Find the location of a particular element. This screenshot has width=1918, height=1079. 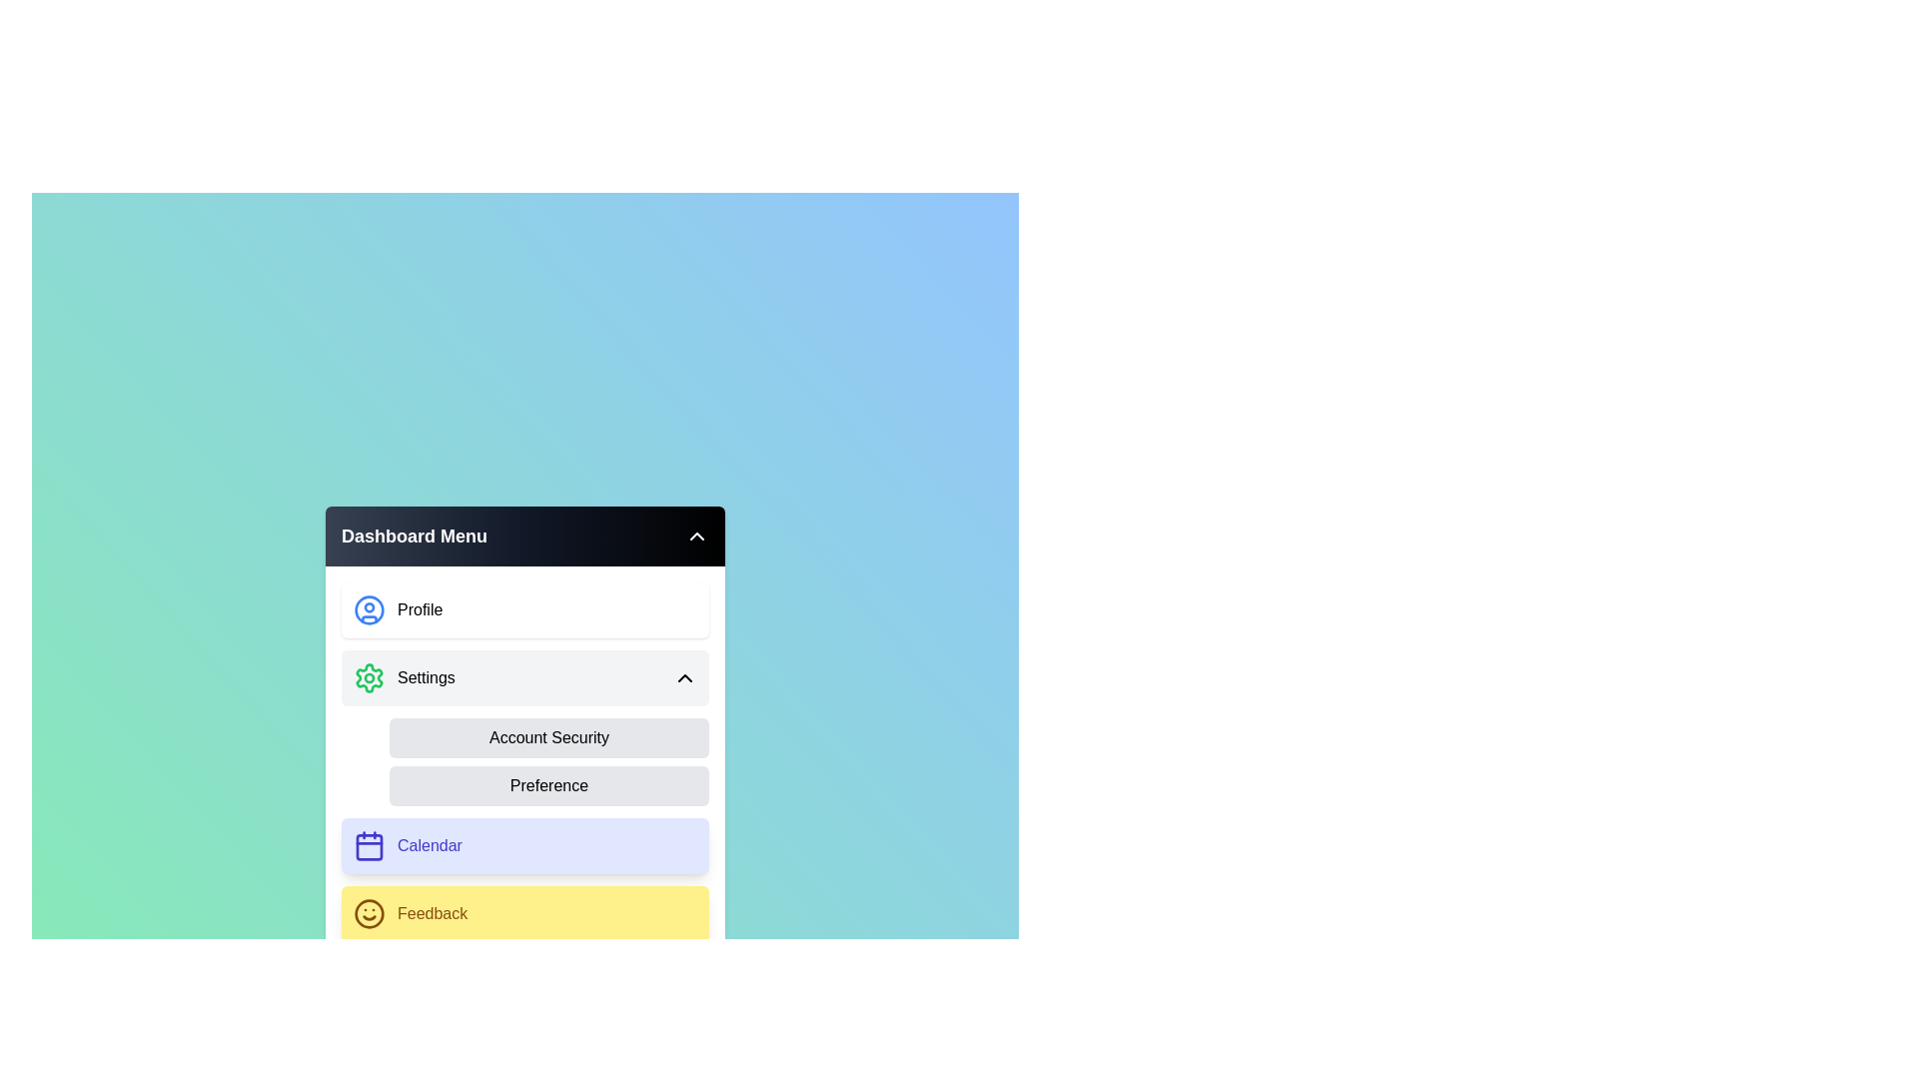

the second menu item in the settings menu is located at coordinates (525, 676).